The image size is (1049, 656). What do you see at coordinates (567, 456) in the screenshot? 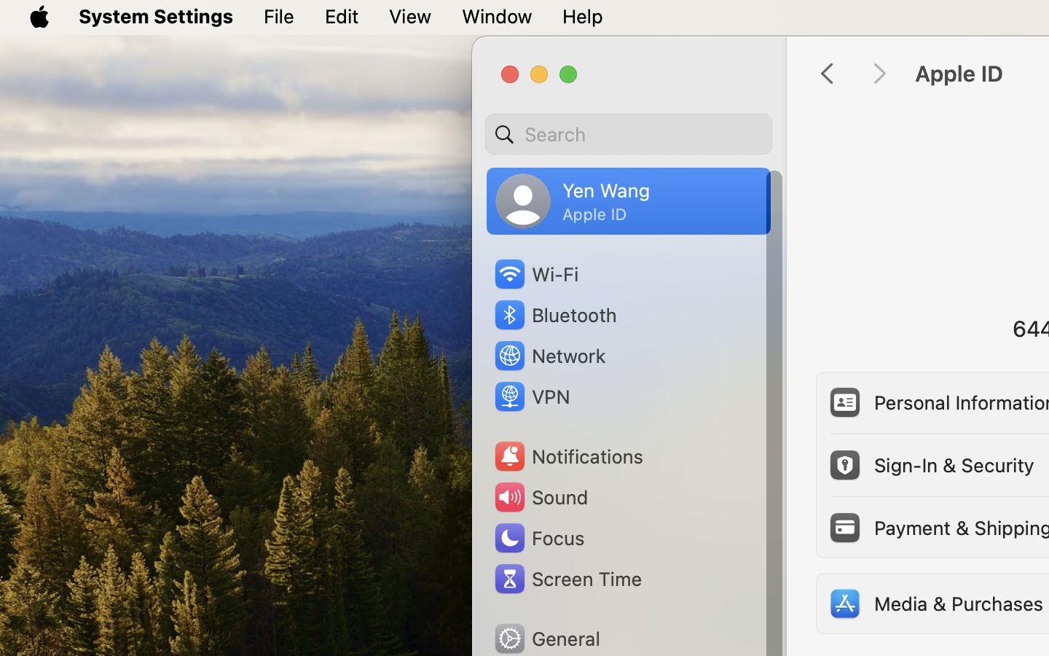
I see `'Notifications'` at bounding box center [567, 456].